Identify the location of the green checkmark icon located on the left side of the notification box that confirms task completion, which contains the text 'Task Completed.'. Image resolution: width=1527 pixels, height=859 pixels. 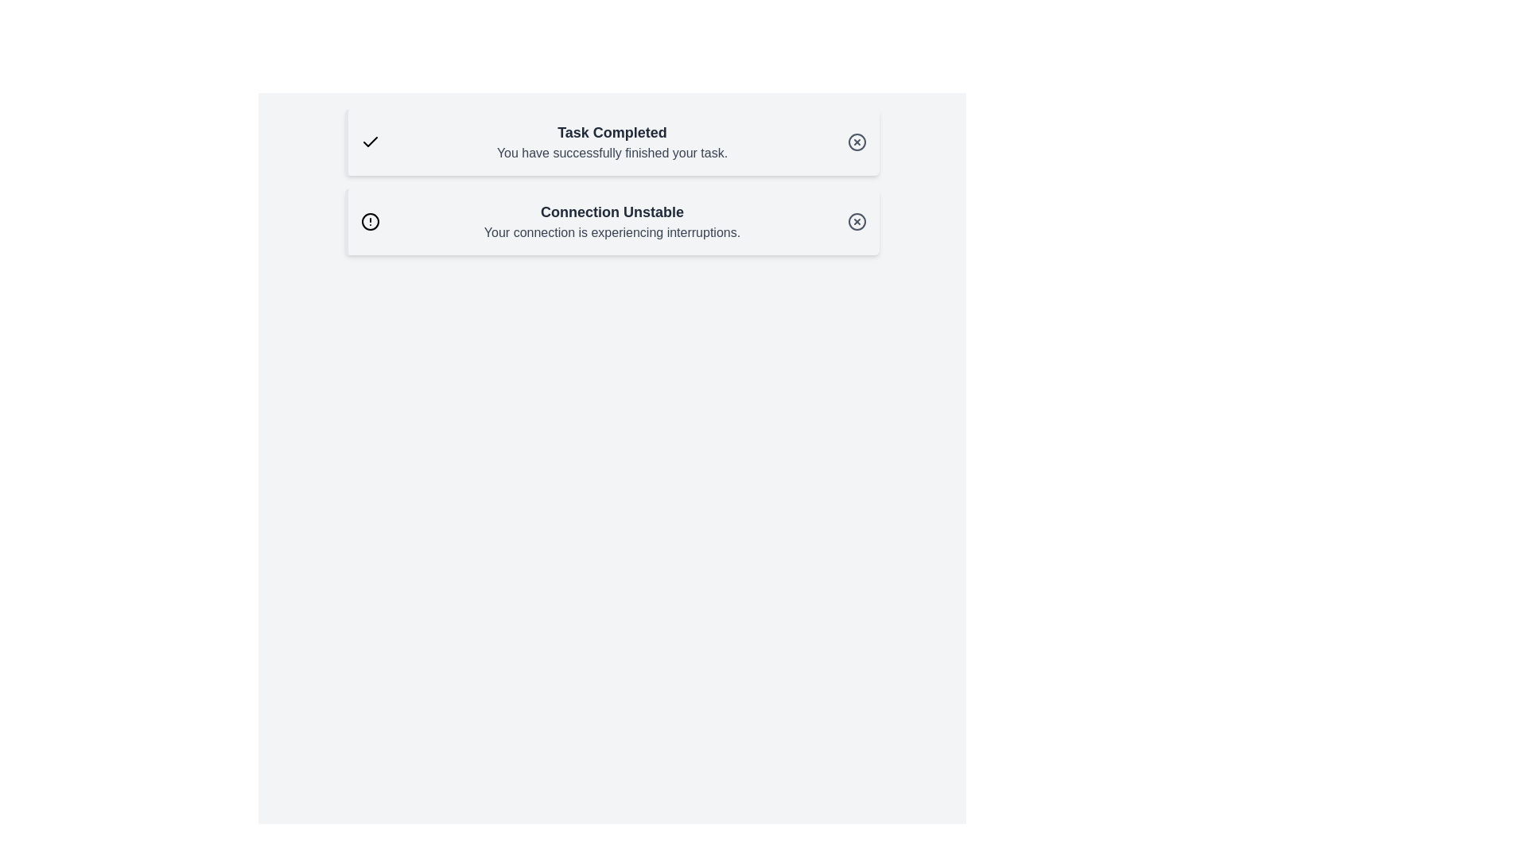
(369, 141).